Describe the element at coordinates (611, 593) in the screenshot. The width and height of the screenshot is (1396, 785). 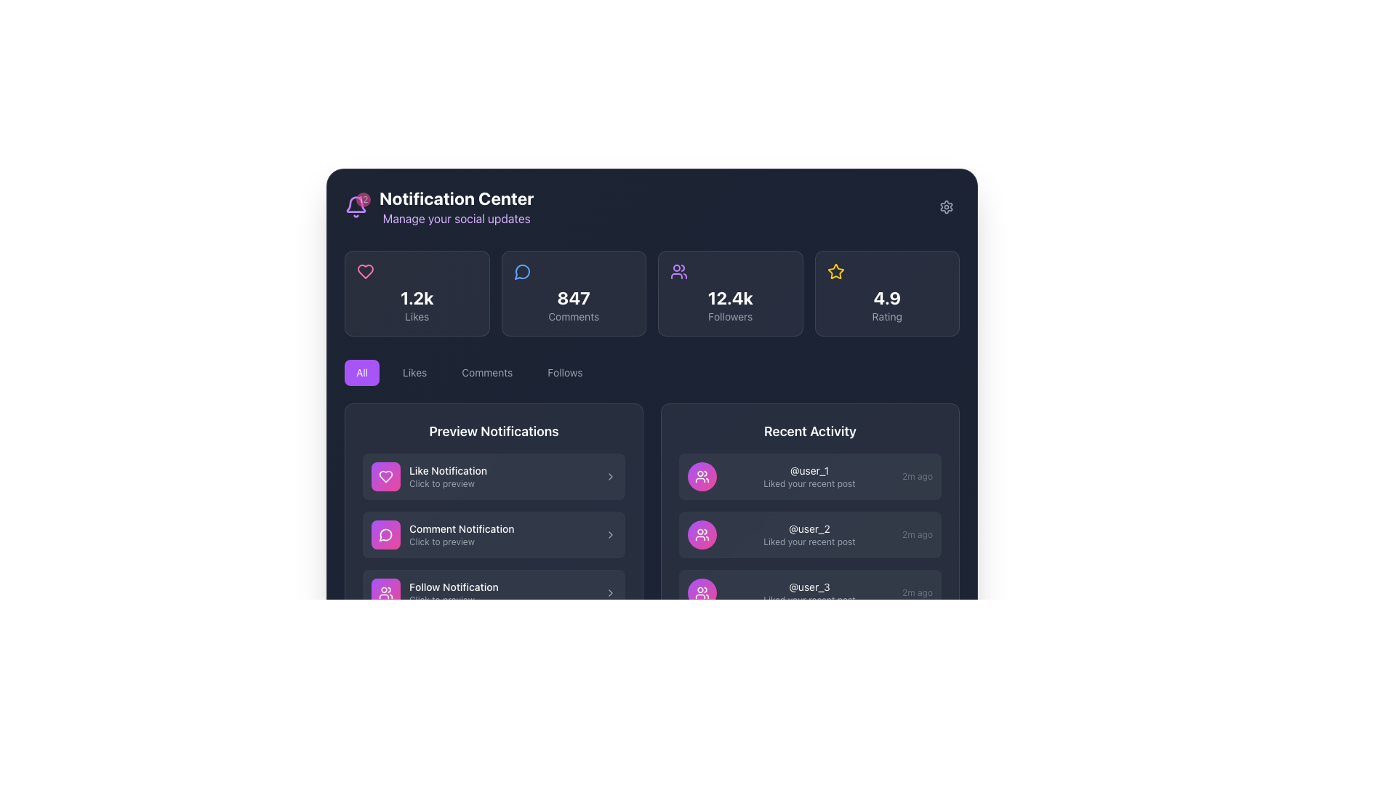
I see `the right-pointing chevron icon styled in light gray, located to the right of the 'Follow Notification' text in the 'Preview Notifications' list, to potentially reveal additional information or a visual effect` at that location.